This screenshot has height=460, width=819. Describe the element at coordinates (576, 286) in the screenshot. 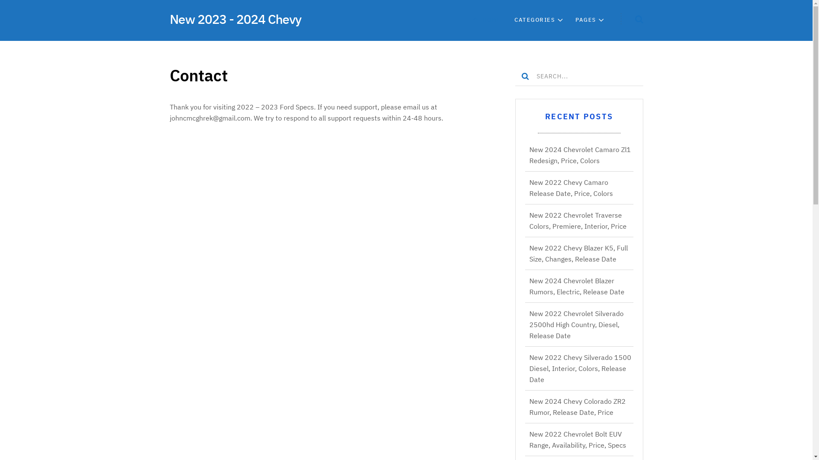

I see `'New 2024 Chevrolet Blazer Rumors, Electric, Release Date'` at that location.